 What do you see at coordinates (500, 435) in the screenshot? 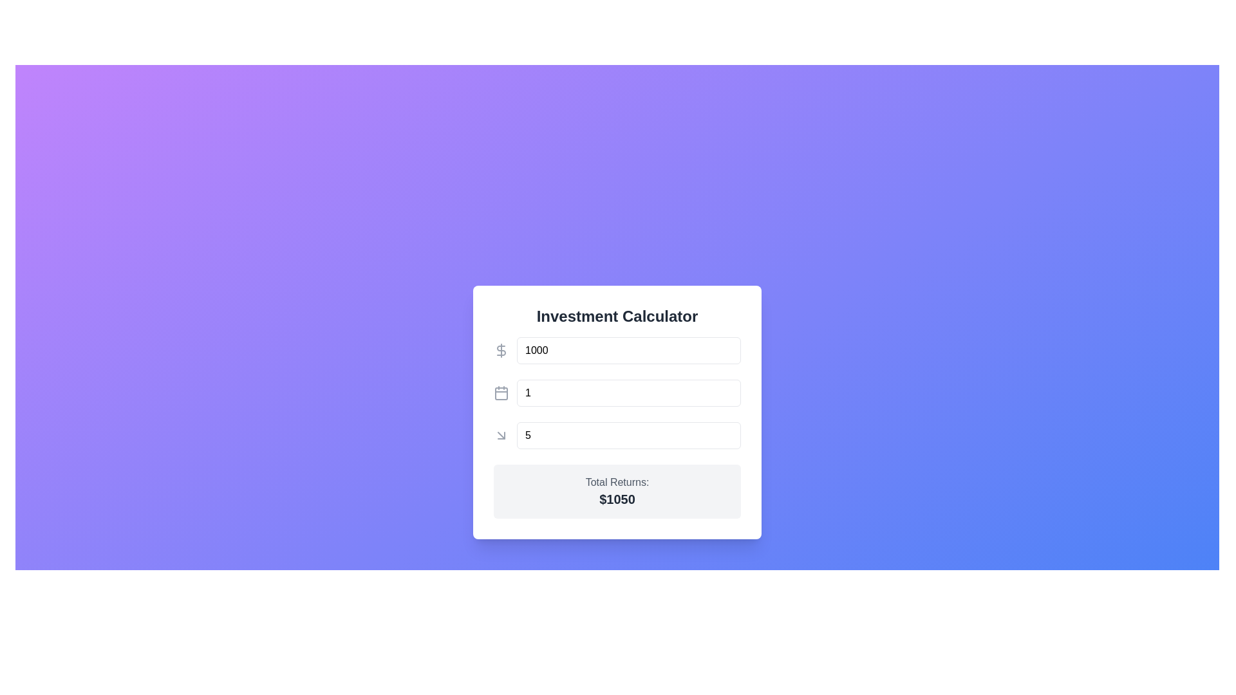
I see `the downward and rightward pointing arrow icon with a thin outline, rendered in gray, located next to the third data input field` at bounding box center [500, 435].